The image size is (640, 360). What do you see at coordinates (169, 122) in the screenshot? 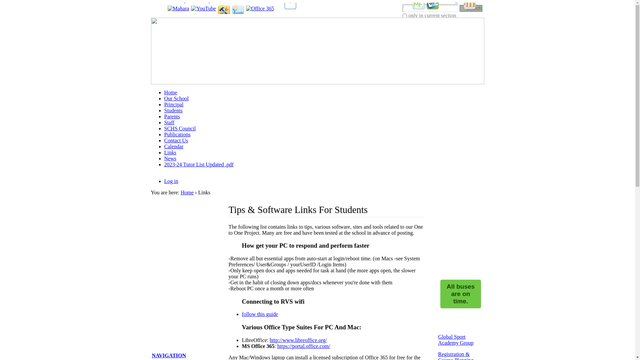
I see `'Staff'` at bounding box center [169, 122].